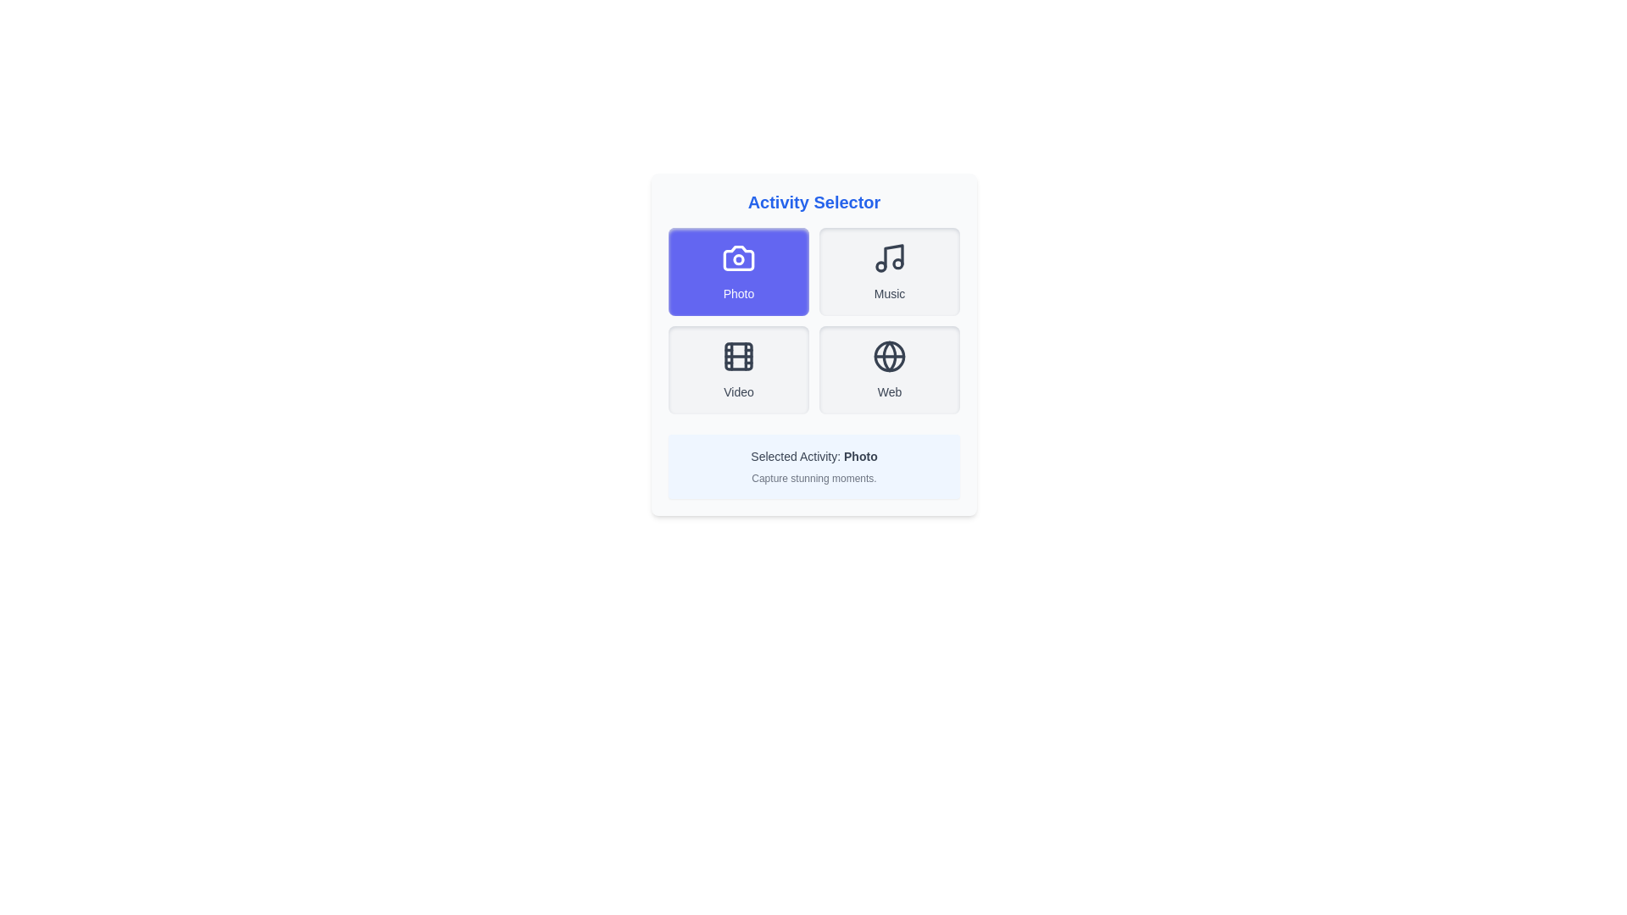 The width and height of the screenshot is (1627, 915). I want to click on the musical note icon located in the upper-right quadrant of the activity selection grid, so click(893, 256).